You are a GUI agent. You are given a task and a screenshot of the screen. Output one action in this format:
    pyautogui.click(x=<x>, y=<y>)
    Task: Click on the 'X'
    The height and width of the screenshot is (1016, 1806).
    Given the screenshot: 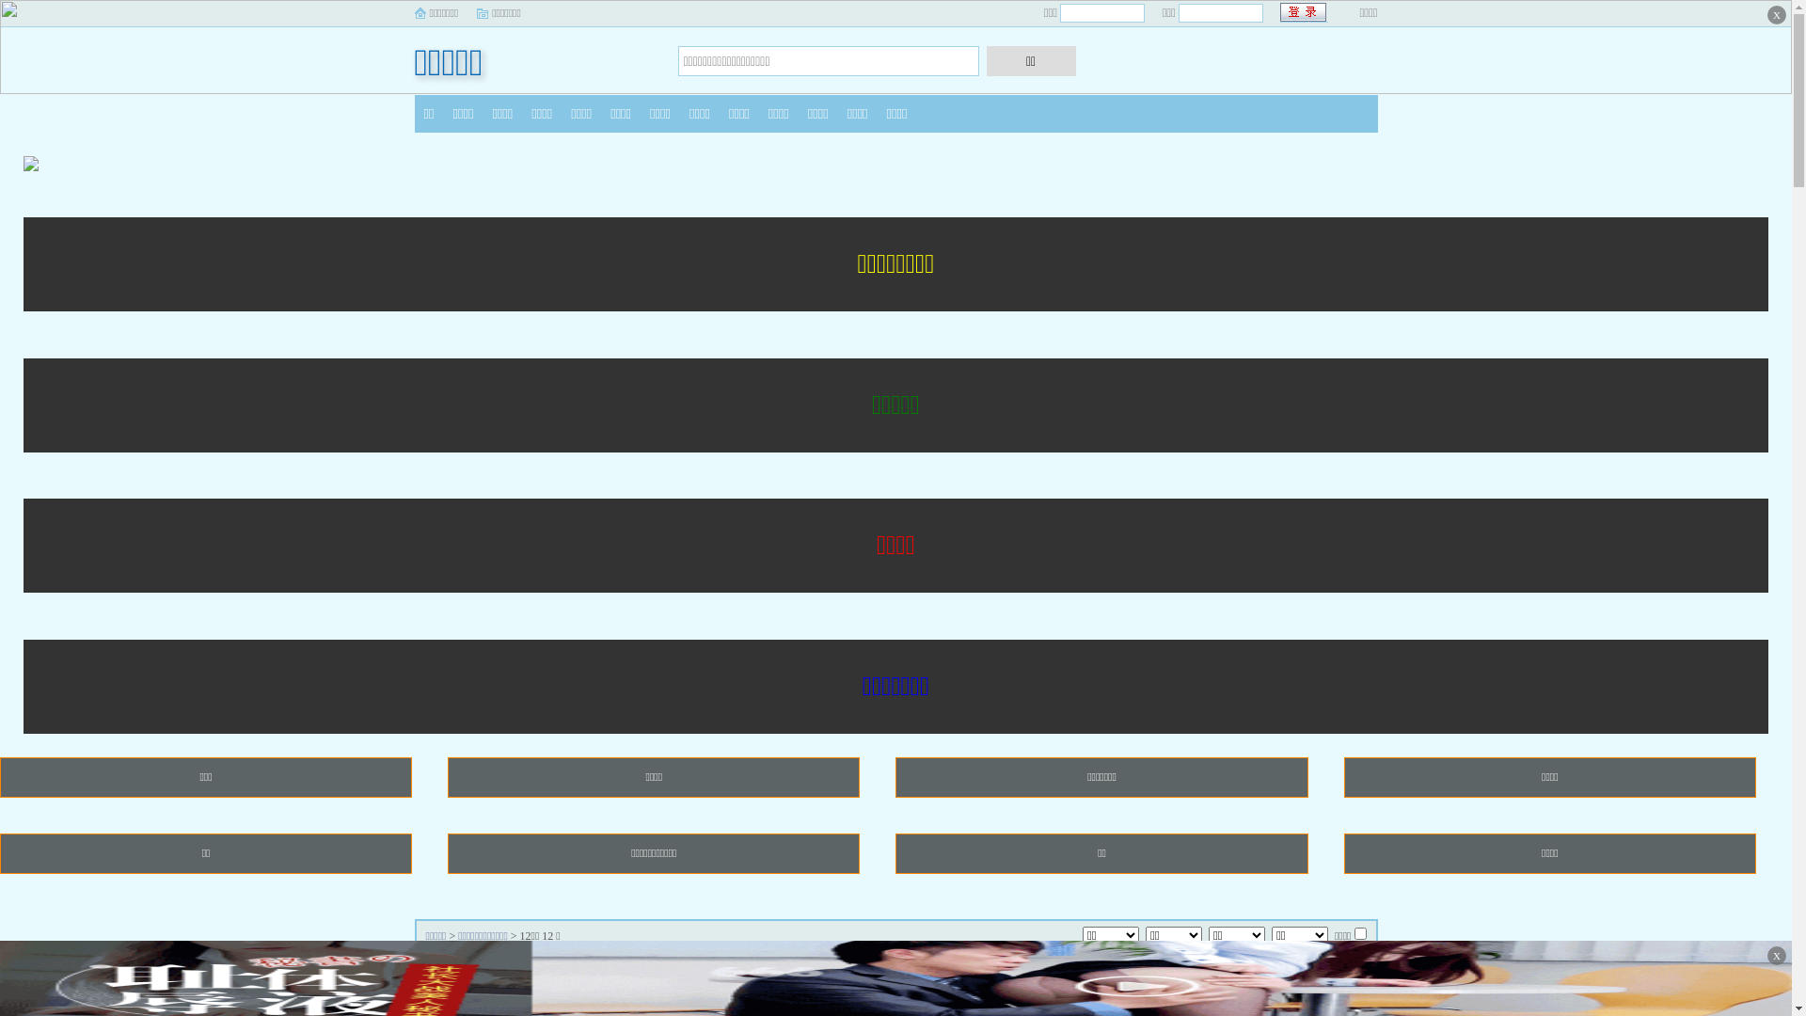 What is the action you would take?
    pyautogui.click(x=1776, y=14)
    